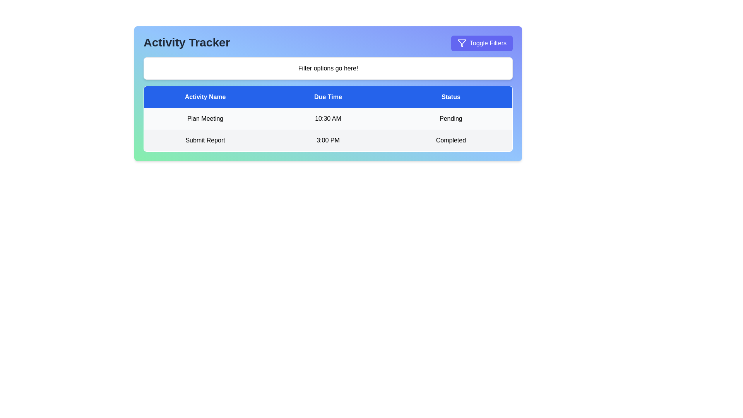  What do you see at coordinates (328, 68) in the screenshot?
I see `the text label that informs the user about filter options, located near the top of the activity tracker interface, just below the toggle filters button` at bounding box center [328, 68].